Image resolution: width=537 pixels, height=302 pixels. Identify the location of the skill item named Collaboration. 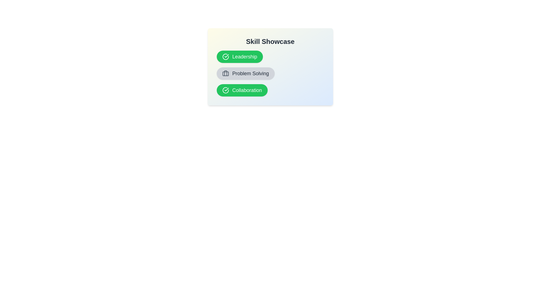
(242, 90).